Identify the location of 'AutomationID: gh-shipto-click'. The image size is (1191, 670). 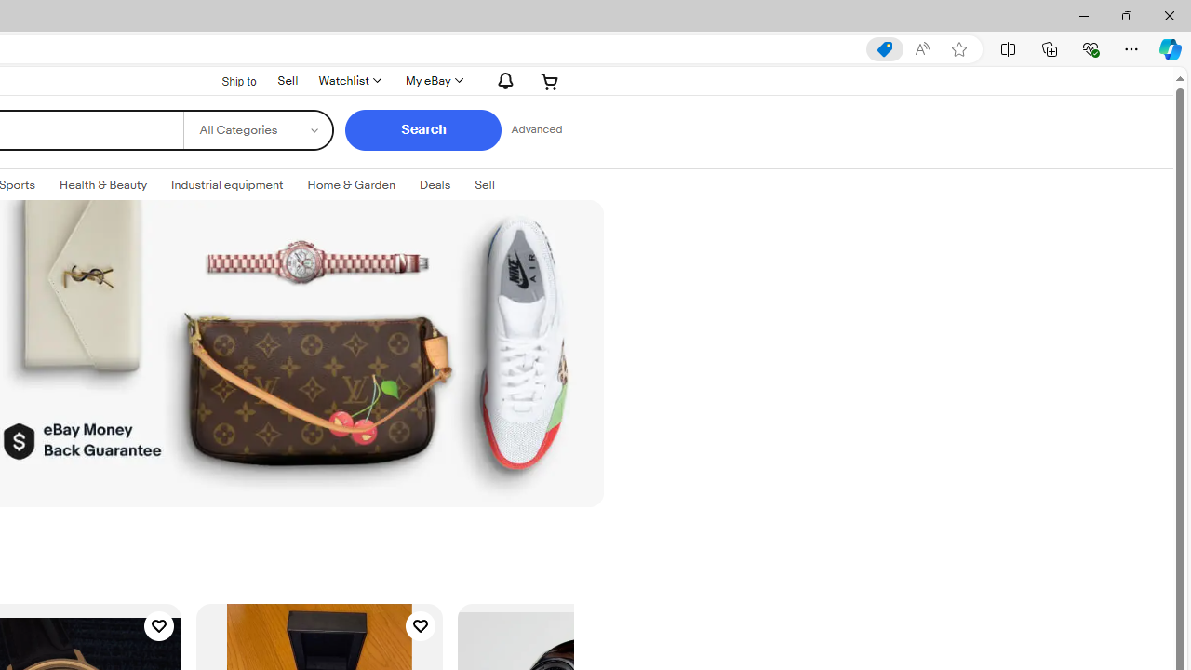
(226, 79).